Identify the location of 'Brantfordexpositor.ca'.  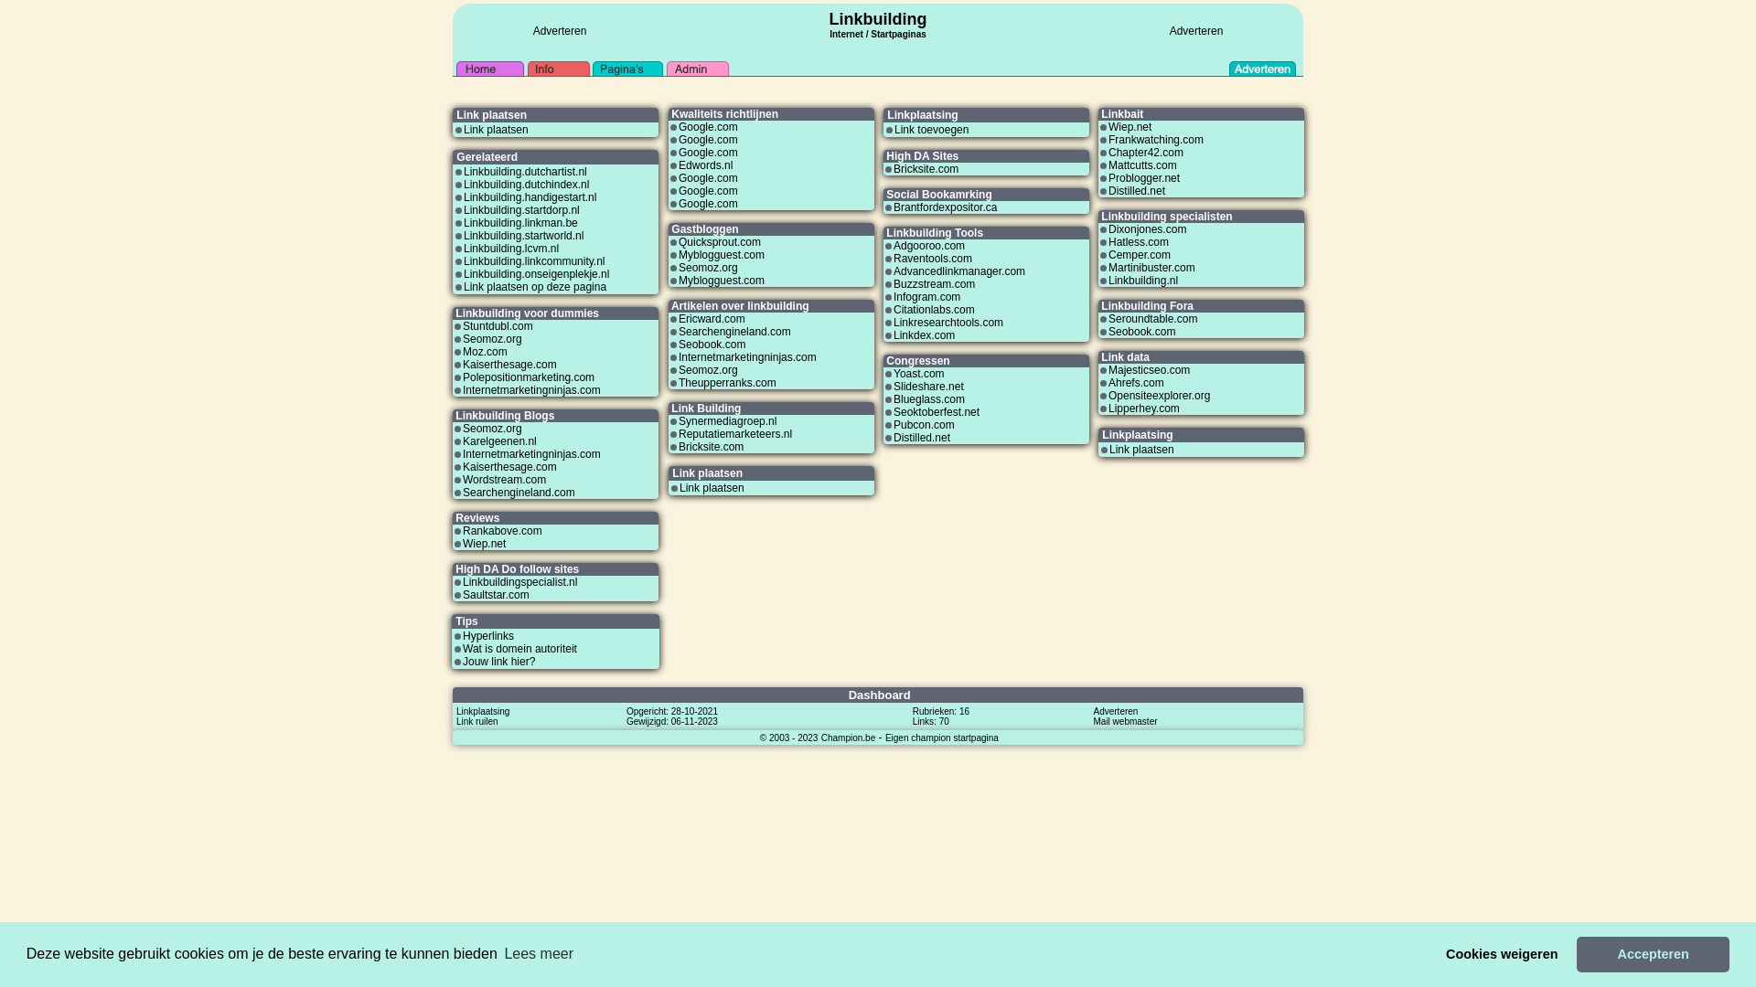
(894, 207).